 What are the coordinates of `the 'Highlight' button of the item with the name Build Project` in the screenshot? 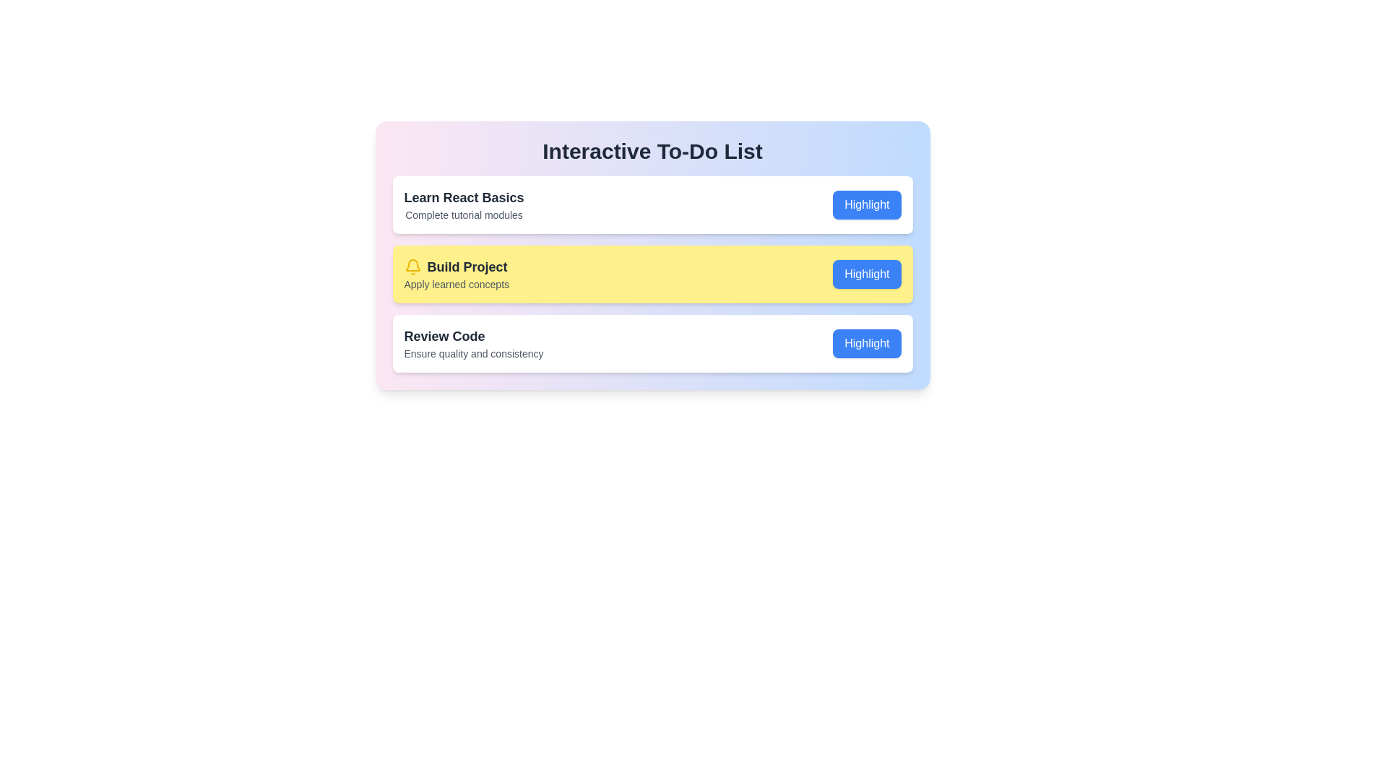 It's located at (867, 274).